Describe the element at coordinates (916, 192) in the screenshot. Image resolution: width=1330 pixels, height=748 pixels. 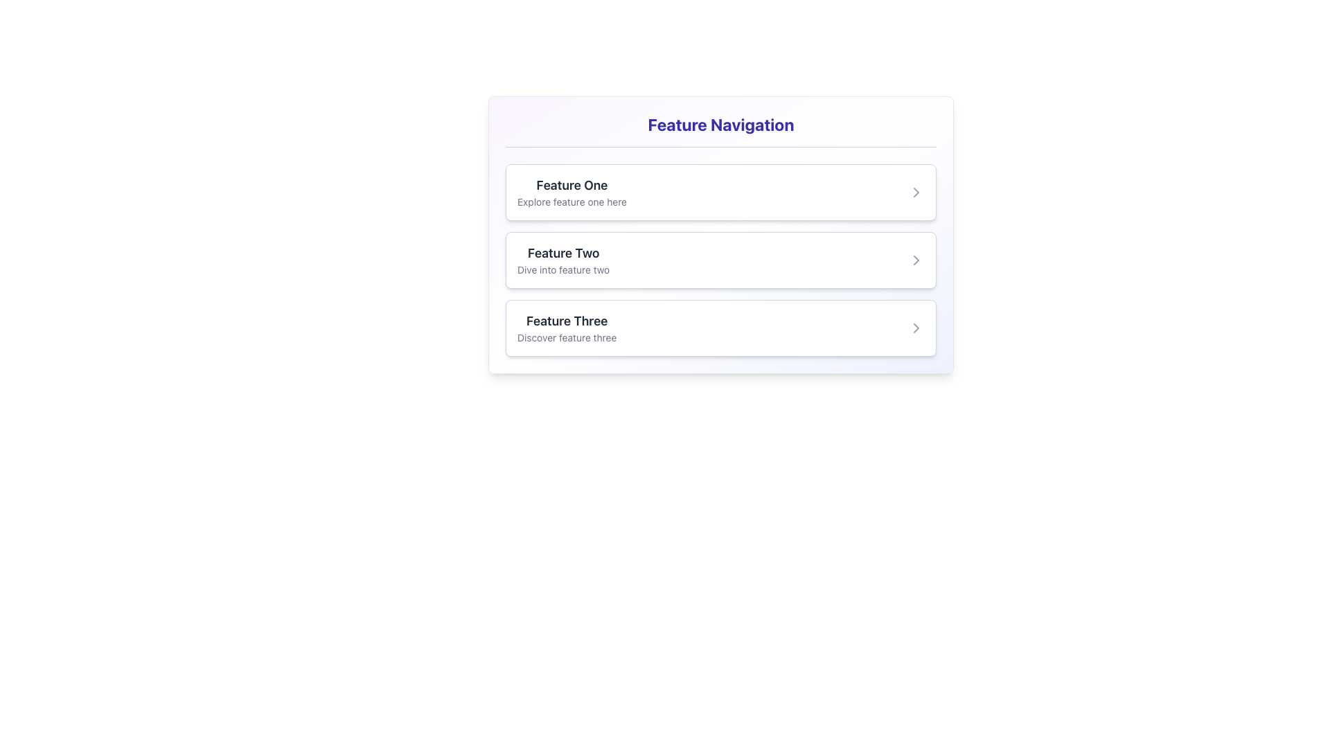
I see `the navigational icon located at the far right of the card for 'Feature One'` at that location.